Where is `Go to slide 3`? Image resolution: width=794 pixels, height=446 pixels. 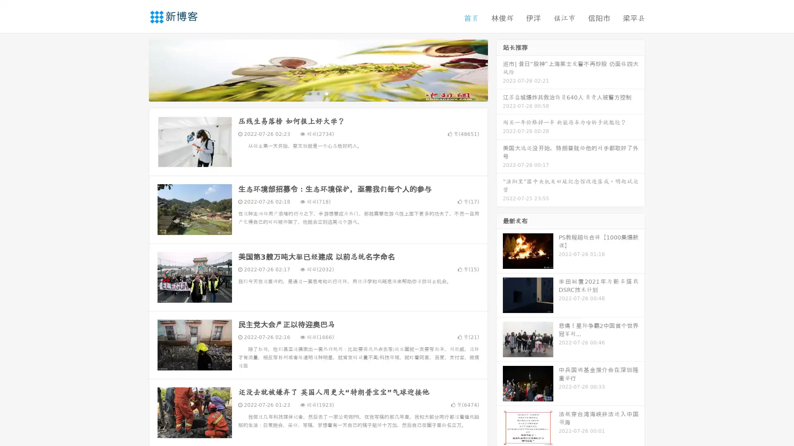
Go to slide 3 is located at coordinates (326, 93).